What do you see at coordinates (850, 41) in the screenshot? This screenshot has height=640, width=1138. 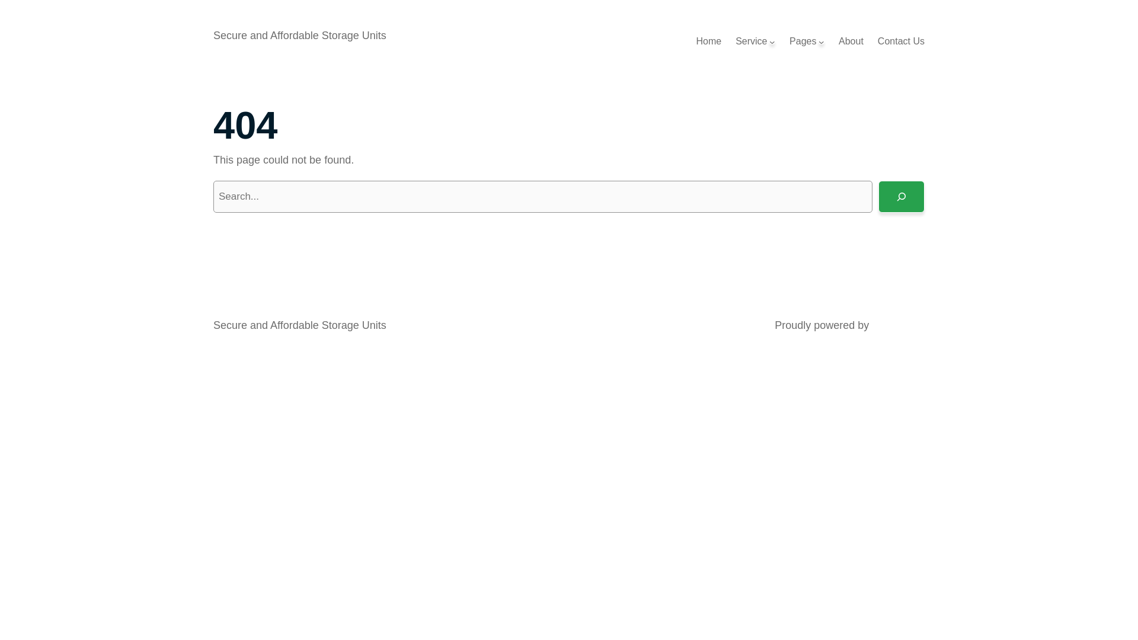 I see `'About'` at bounding box center [850, 41].